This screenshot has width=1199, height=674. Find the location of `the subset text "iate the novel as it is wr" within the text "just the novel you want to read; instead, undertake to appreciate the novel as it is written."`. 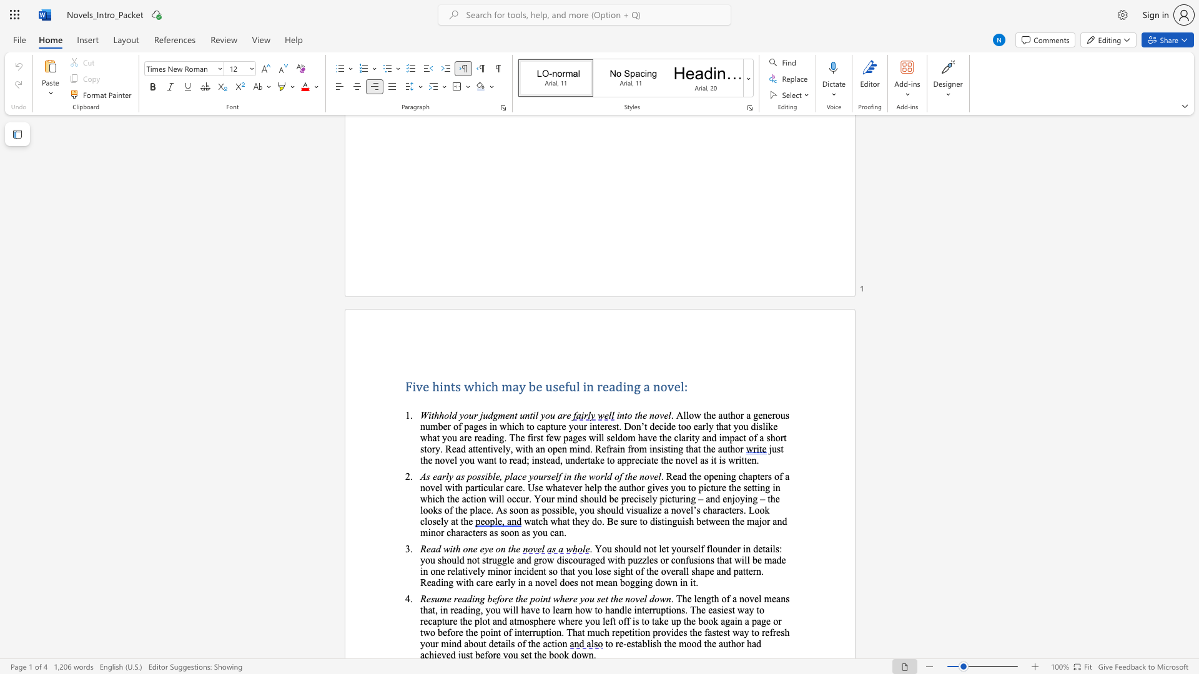

the subset text "iate the novel as it is wr" within the text "just the novel you want to read; instead, undertake to appreciate the novel as it is written." is located at coordinates (644, 460).